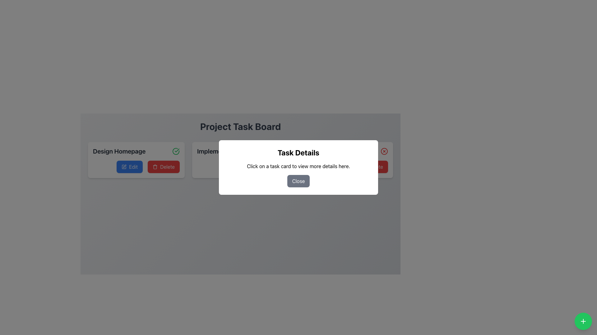 This screenshot has height=335, width=597. I want to click on the leftmost editing icon within the 'Edit' button below the 'Design Homepage' text, so click(124, 166).